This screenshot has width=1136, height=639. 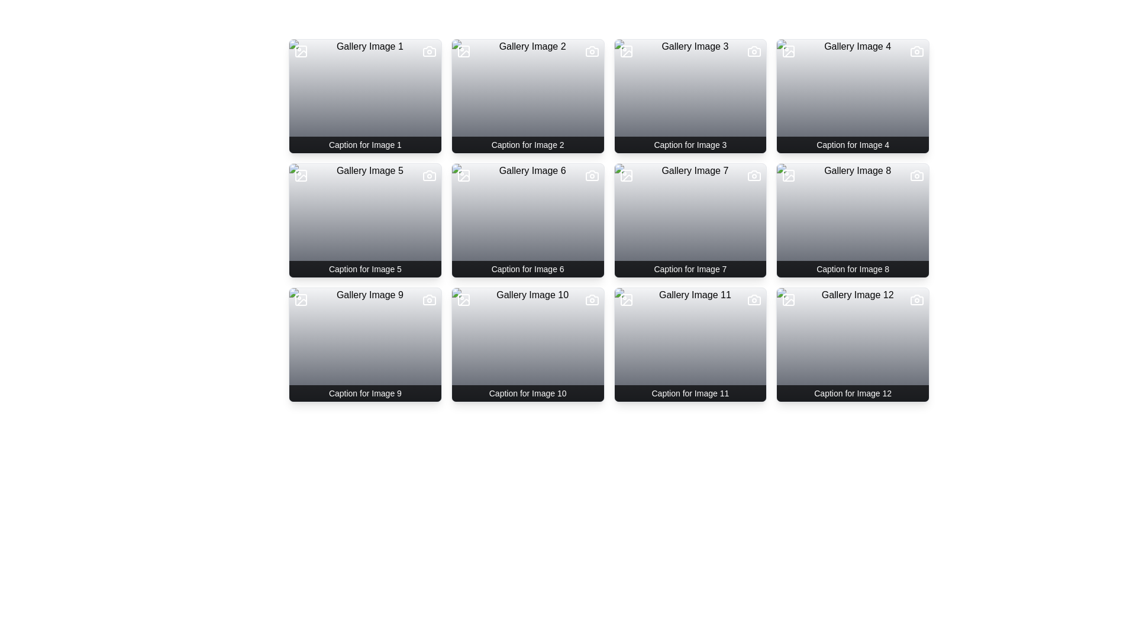 I want to click on caption text of the Text label located at the bottom of the sixth image card in a 4x3 grid layout, specifically in the second row and second column, so click(x=527, y=269).